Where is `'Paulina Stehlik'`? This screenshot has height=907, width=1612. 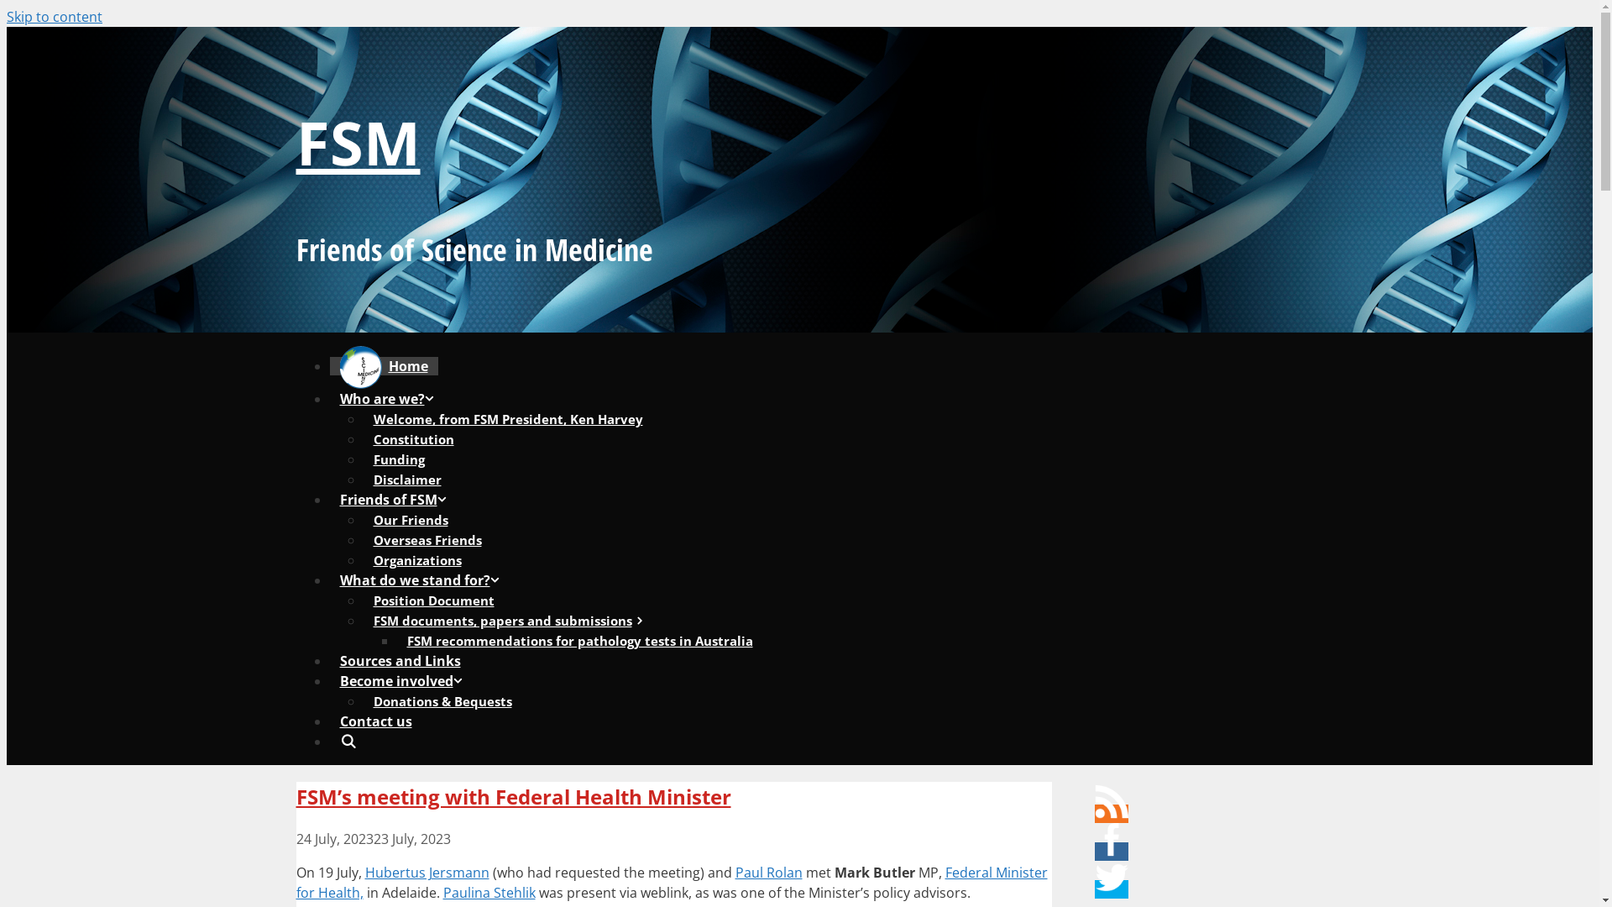 'Paulina Stehlik' is located at coordinates (488, 892).